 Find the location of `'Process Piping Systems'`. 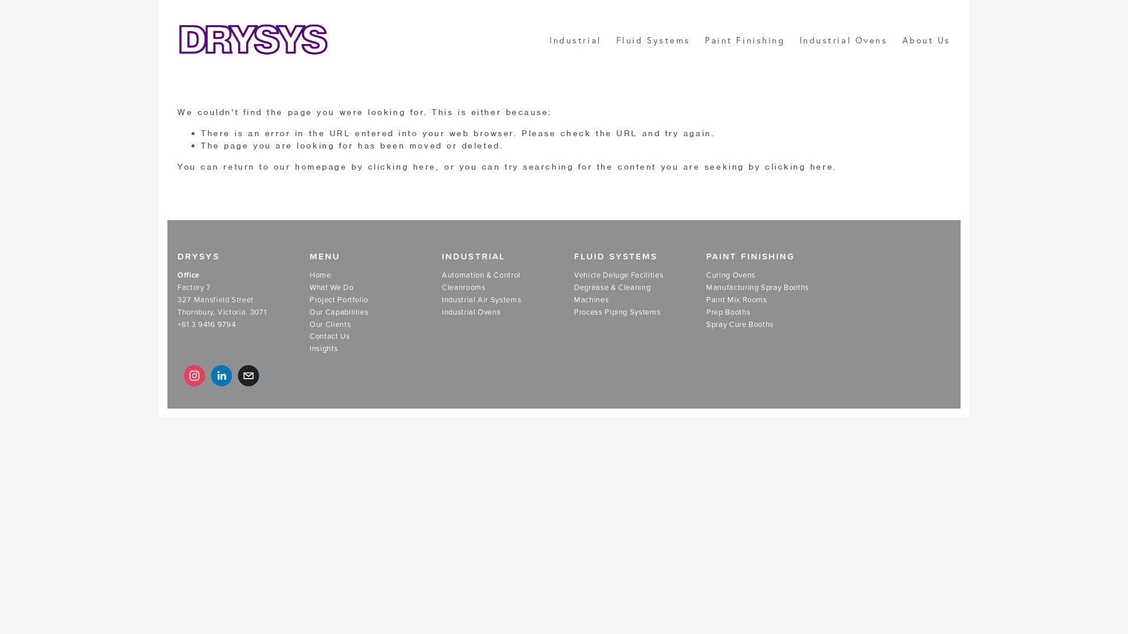

'Process Piping Systems' is located at coordinates (616, 312).